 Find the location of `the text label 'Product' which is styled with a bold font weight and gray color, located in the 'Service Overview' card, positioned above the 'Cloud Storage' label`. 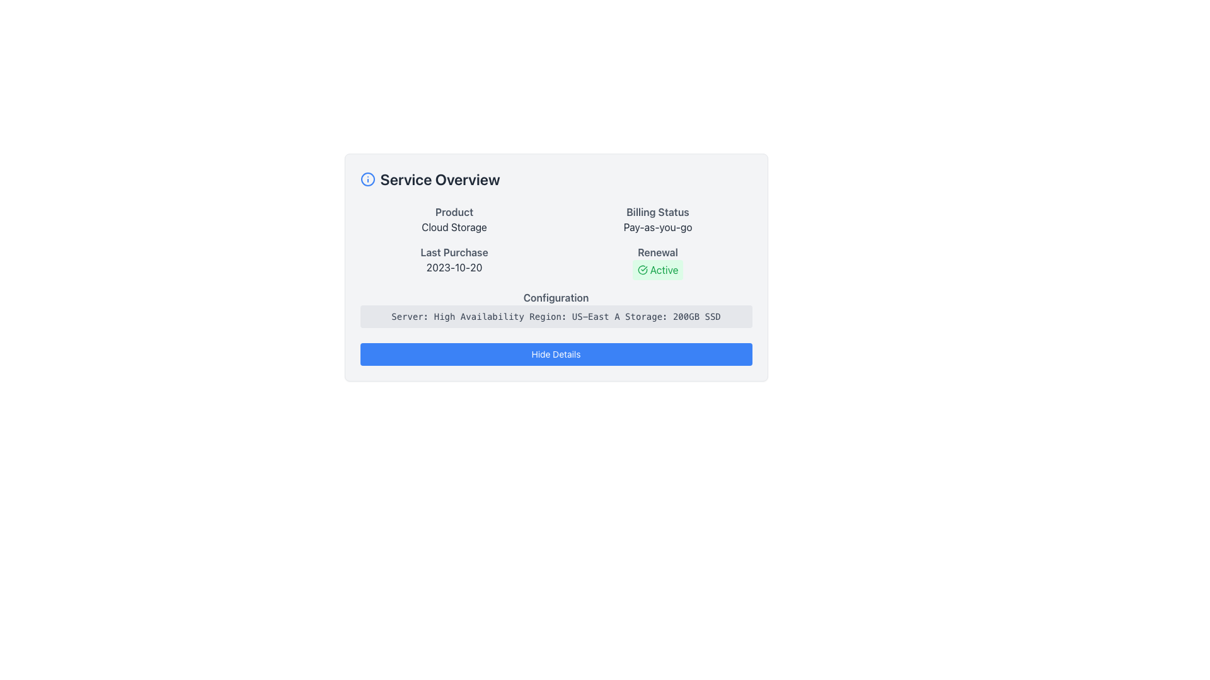

the text label 'Product' which is styled with a bold font weight and gray color, located in the 'Service Overview' card, positioned above the 'Cloud Storage' label is located at coordinates (454, 211).